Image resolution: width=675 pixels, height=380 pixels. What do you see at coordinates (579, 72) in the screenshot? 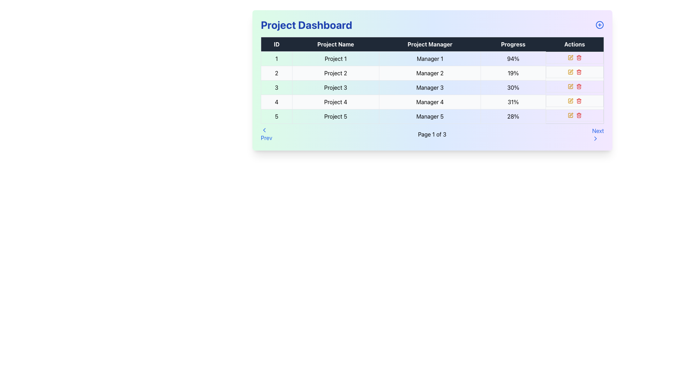
I see `the red trash can icon in the 'Actions' column of the second row in the dashboard table` at bounding box center [579, 72].